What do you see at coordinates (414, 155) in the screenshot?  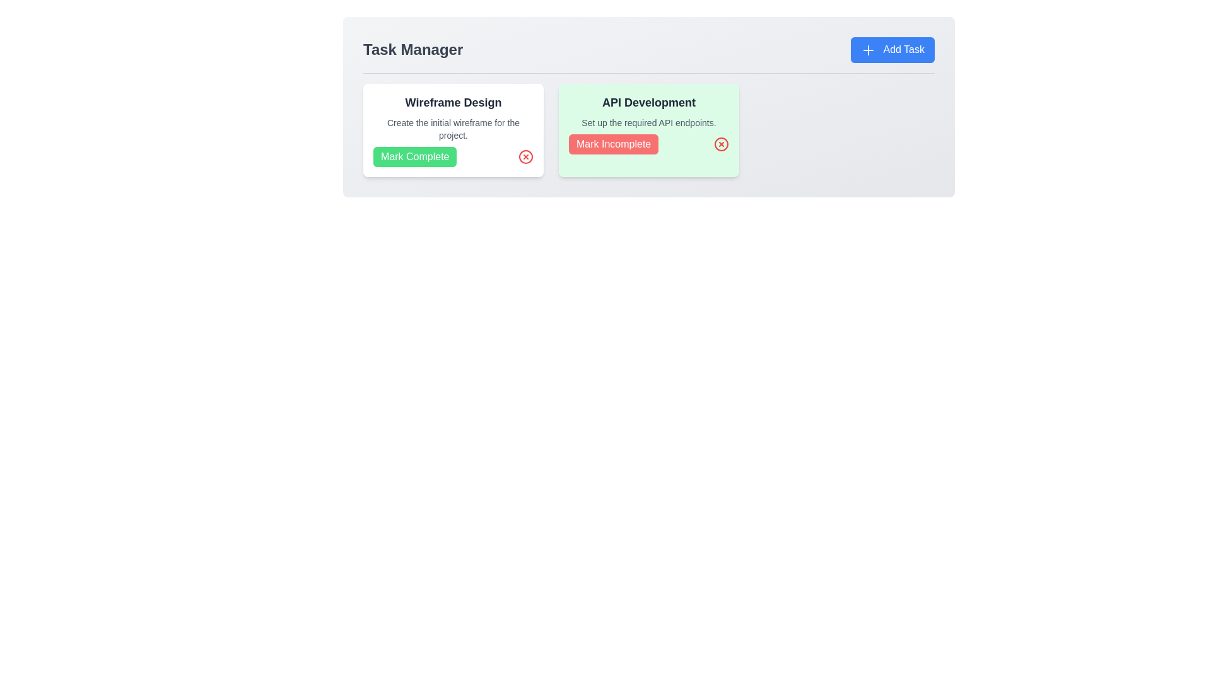 I see `the button located below the 'Wireframe Design' task block to mark the associated task as completed` at bounding box center [414, 155].